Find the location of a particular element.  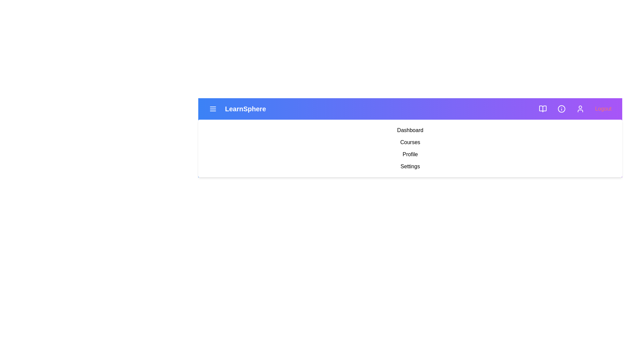

the User icon in the navigation bar is located at coordinates (580, 108).